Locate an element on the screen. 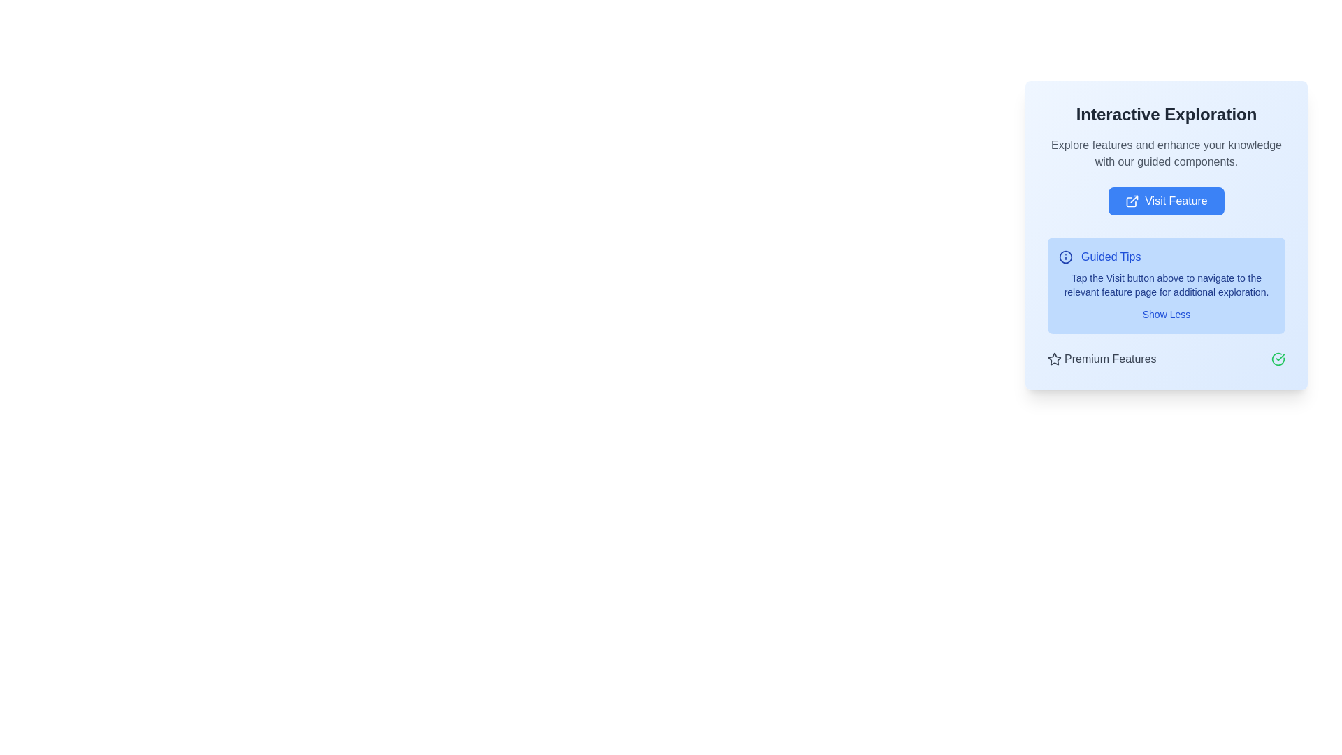  the 'Show Less' link located within the Information card titled 'Guided Tips' is located at coordinates (1167, 285).